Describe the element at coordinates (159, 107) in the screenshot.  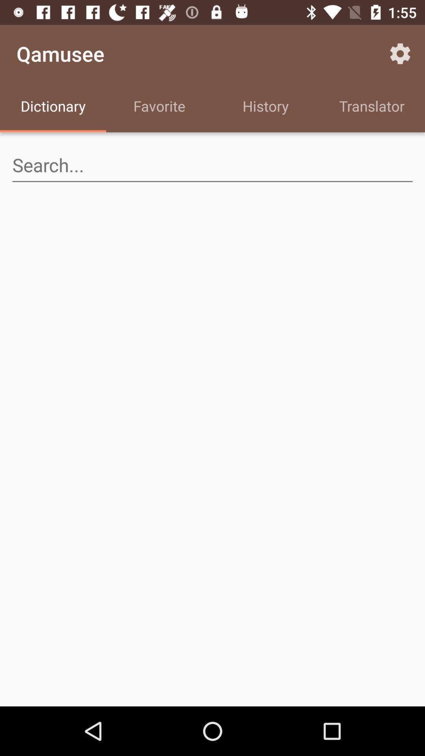
I see `the item next to the history icon` at that location.